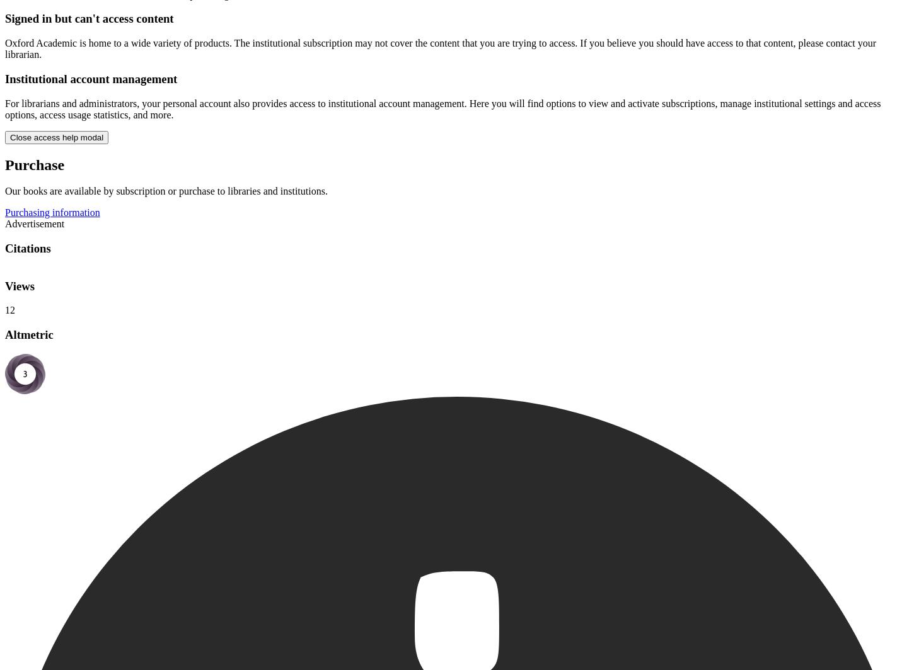 Image resolution: width=914 pixels, height=670 pixels. What do you see at coordinates (88, 18) in the screenshot?
I see `'Signed in but can't access content'` at bounding box center [88, 18].